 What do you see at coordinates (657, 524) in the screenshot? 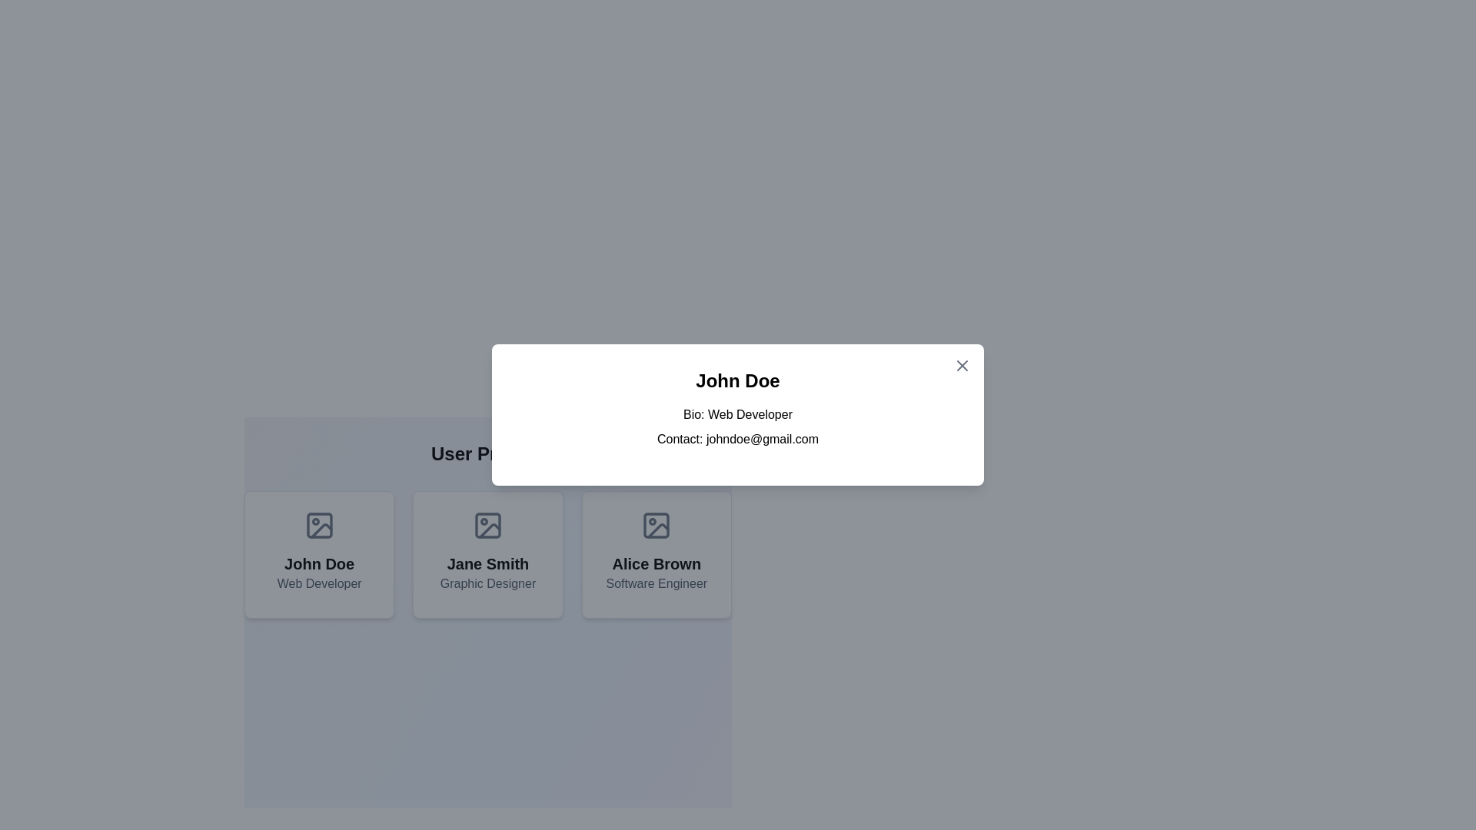
I see `the rectangular vector graphic component which is part of an SVG graphic icon, positioned in the center of the card above the name 'Alice Brown' and job title 'Software Engineer'` at bounding box center [657, 524].